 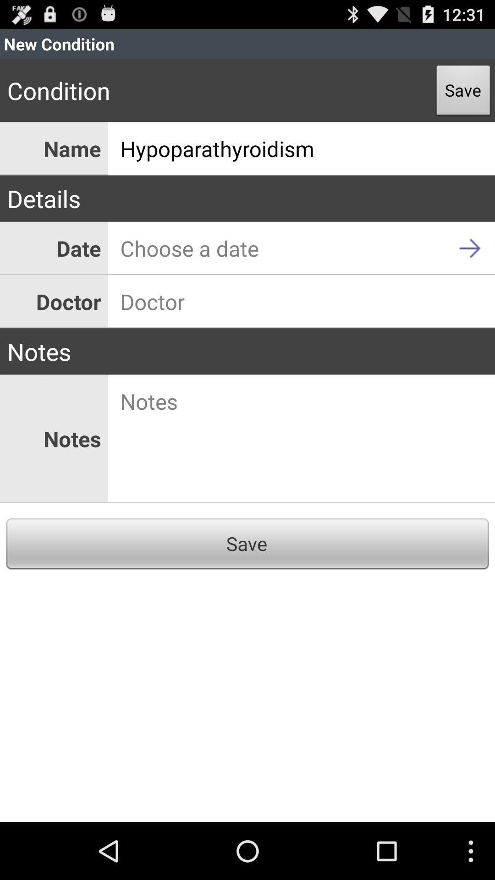 What do you see at coordinates (302, 302) in the screenshot?
I see `fill this field` at bounding box center [302, 302].